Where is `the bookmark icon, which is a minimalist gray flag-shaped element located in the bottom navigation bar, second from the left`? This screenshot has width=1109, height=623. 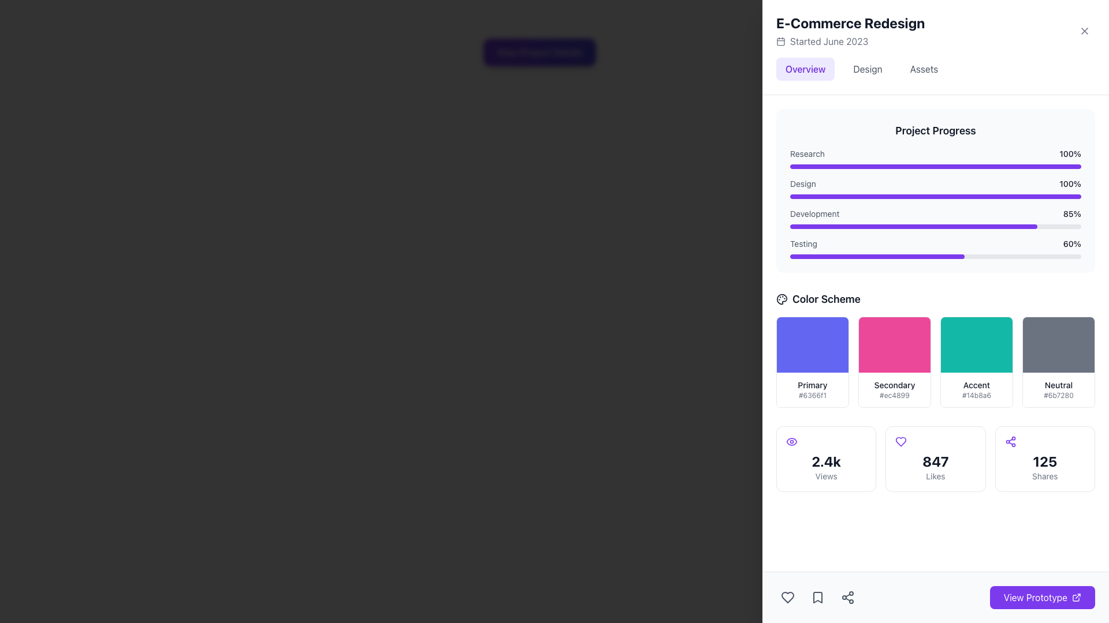
the bookmark icon, which is a minimalist gray flag-shaped element located in the bottom navigation bar, second from the left is located at coordinates (817, 597).